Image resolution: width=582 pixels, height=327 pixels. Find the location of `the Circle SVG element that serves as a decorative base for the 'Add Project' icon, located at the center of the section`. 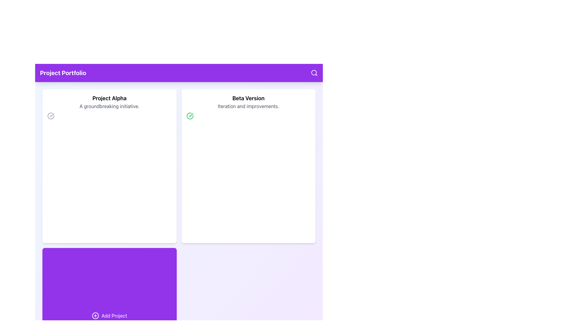

the Circle SVG element that serves as a decorative base for the 'Add Project' icon, located at the center of the section is located at coordinates (95, 315).